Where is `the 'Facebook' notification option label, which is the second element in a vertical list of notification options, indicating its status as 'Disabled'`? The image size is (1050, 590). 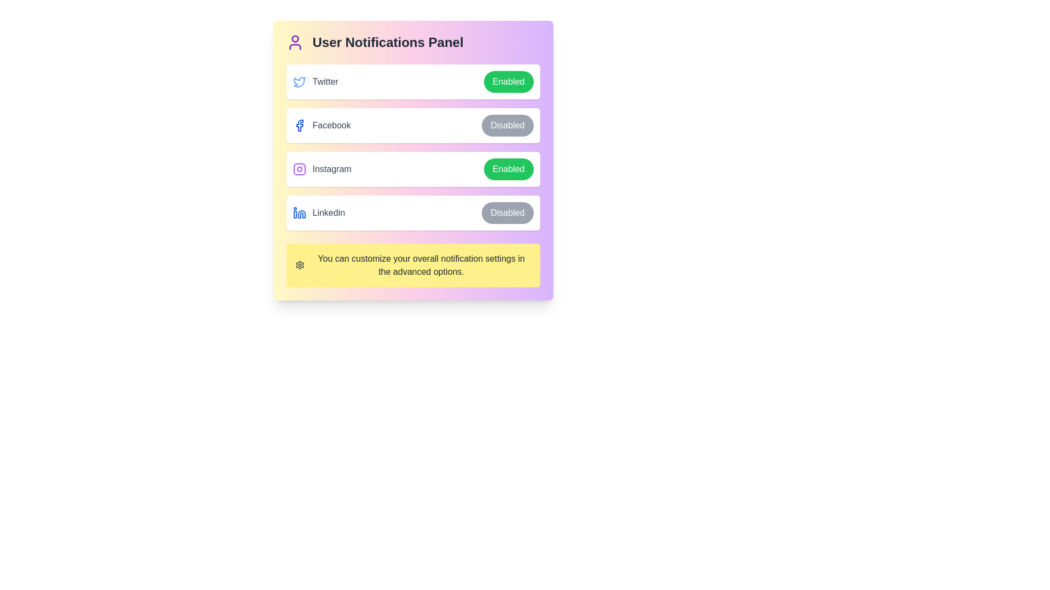
the 'Facebook' notification option label, which is the second element in a vertical list of notification options, indicating its status as 'Disabled' is located at coordinates (321, 125).